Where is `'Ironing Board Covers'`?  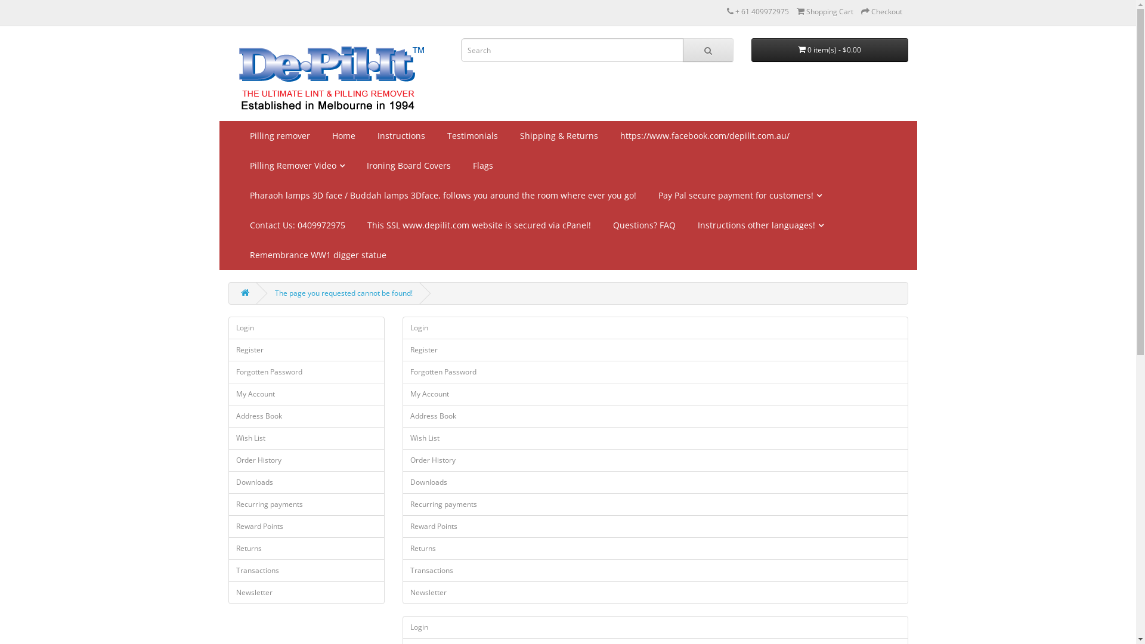
'Ironing Board Covers' is located at coordinates (407, 165).